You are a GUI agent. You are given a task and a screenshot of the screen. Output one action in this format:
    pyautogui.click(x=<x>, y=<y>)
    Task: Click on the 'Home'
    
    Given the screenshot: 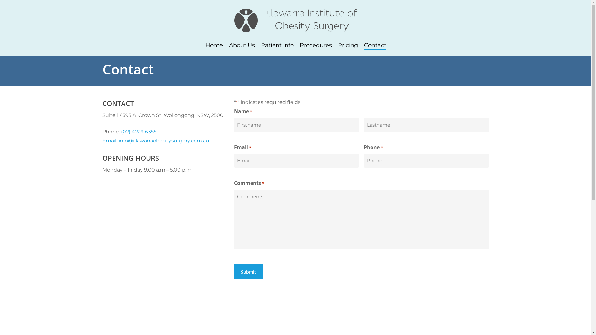 What is the action you would take?
    pyautogui.click(x=214, y=45)
    